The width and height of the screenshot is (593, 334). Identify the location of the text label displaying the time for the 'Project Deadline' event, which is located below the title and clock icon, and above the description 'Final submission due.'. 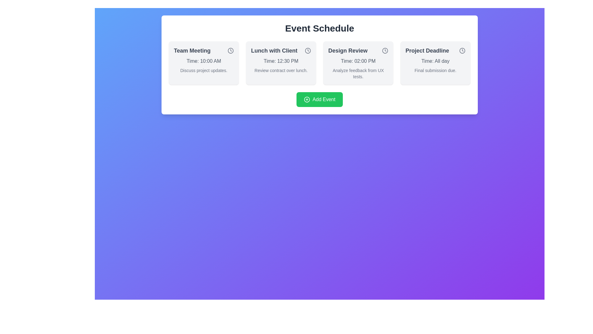
(435, 61).